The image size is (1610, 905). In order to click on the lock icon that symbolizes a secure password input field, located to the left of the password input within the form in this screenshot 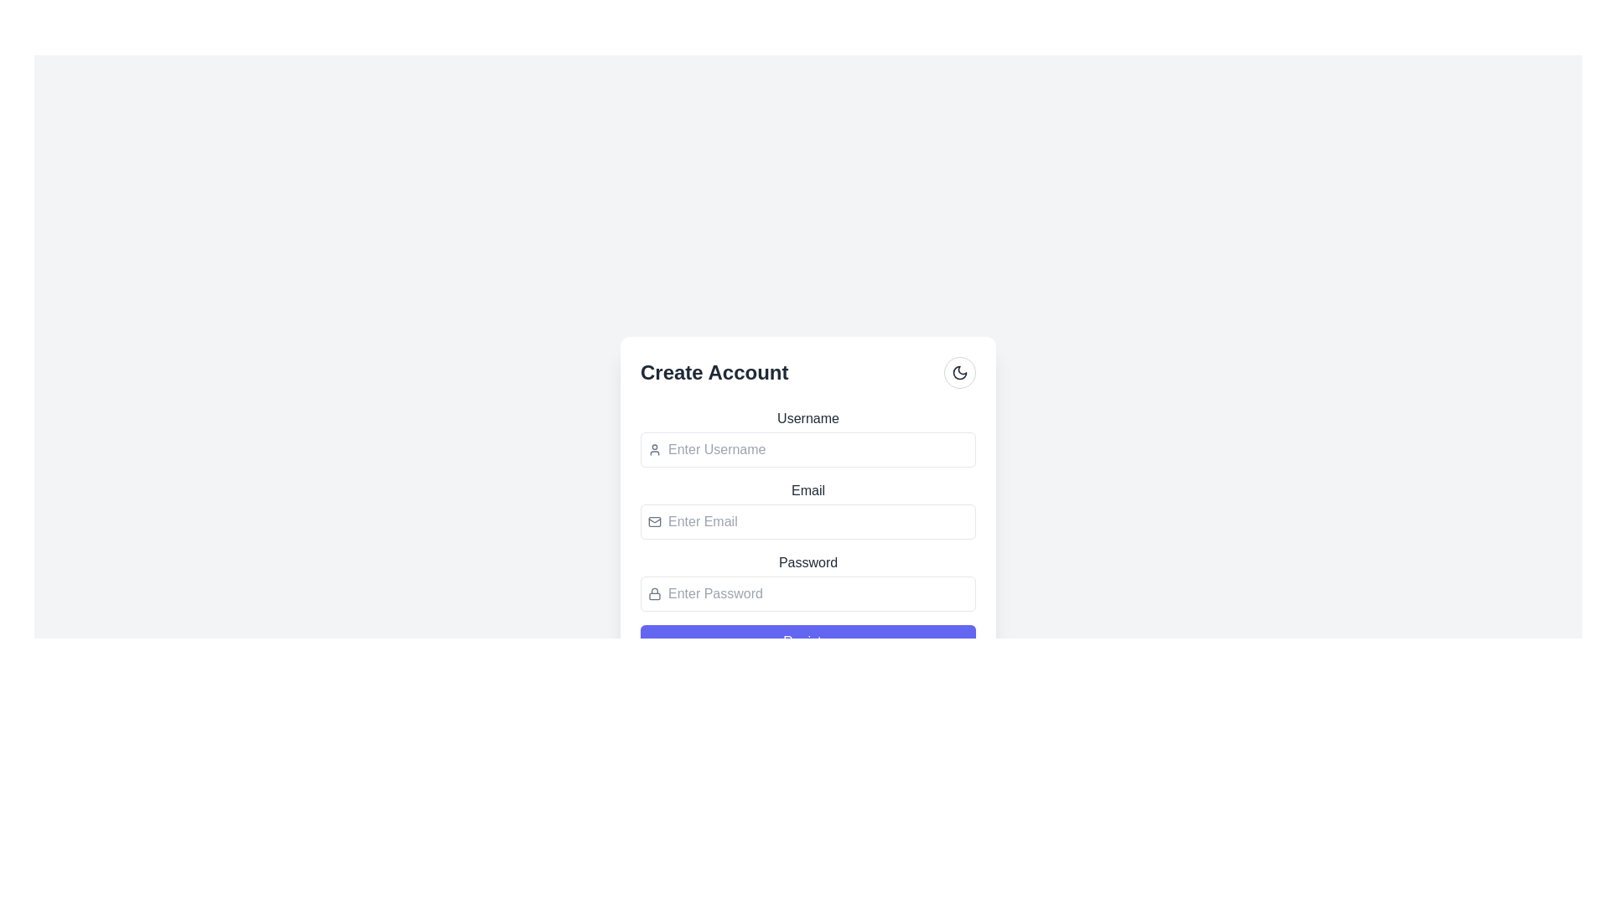, I will do `click(654, 593)`.